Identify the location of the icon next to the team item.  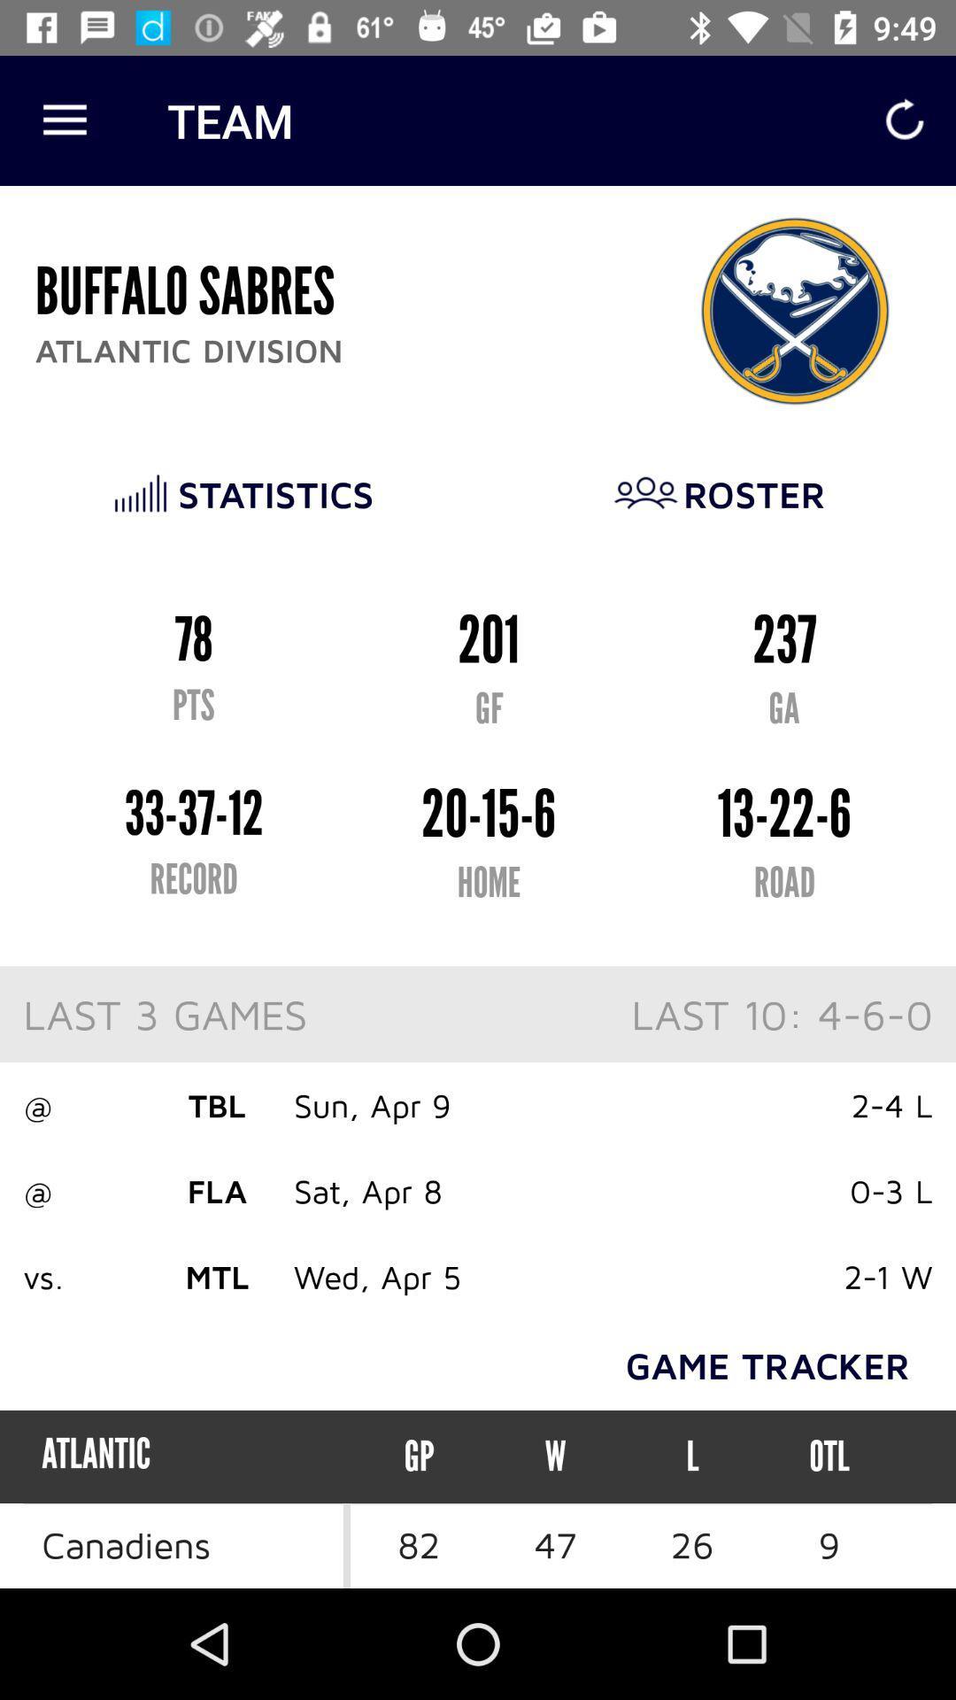
(64, 120).